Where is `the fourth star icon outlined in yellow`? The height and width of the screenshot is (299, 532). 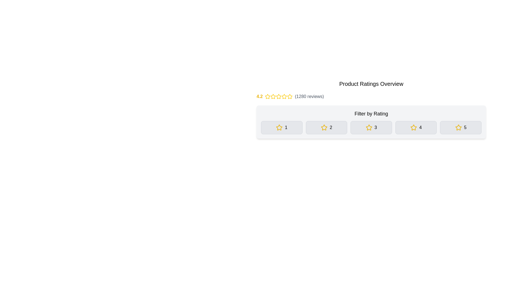 the fourth star icon outlined in yellow is located at coordinates (414, 127).